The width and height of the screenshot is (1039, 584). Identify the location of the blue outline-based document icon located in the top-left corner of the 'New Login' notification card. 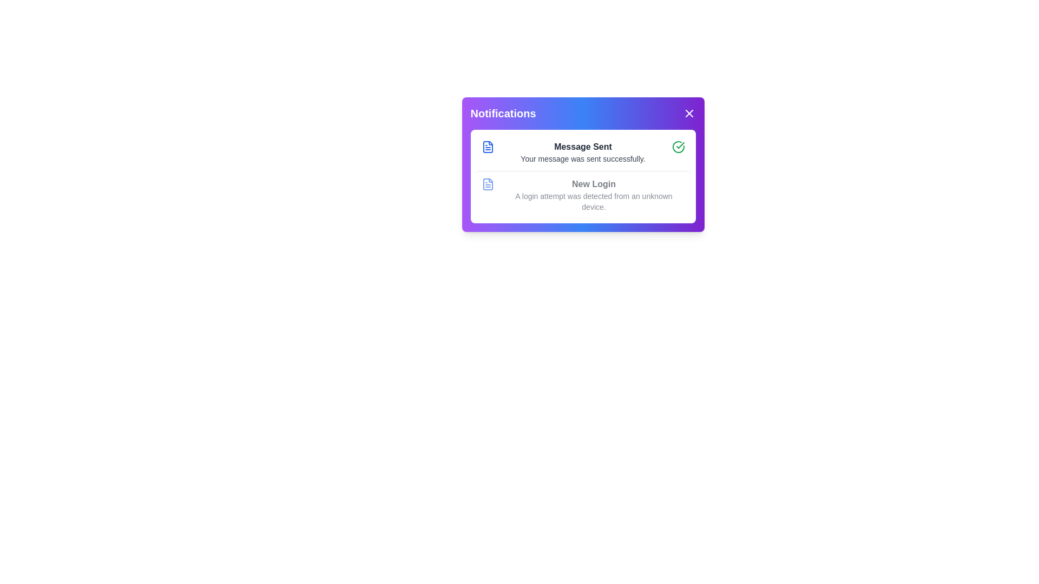
(487, 183).